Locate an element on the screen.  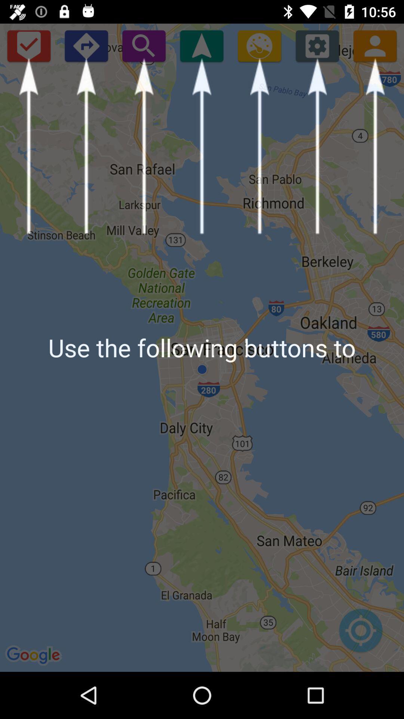
check settings is located at coordinates (317, 45).